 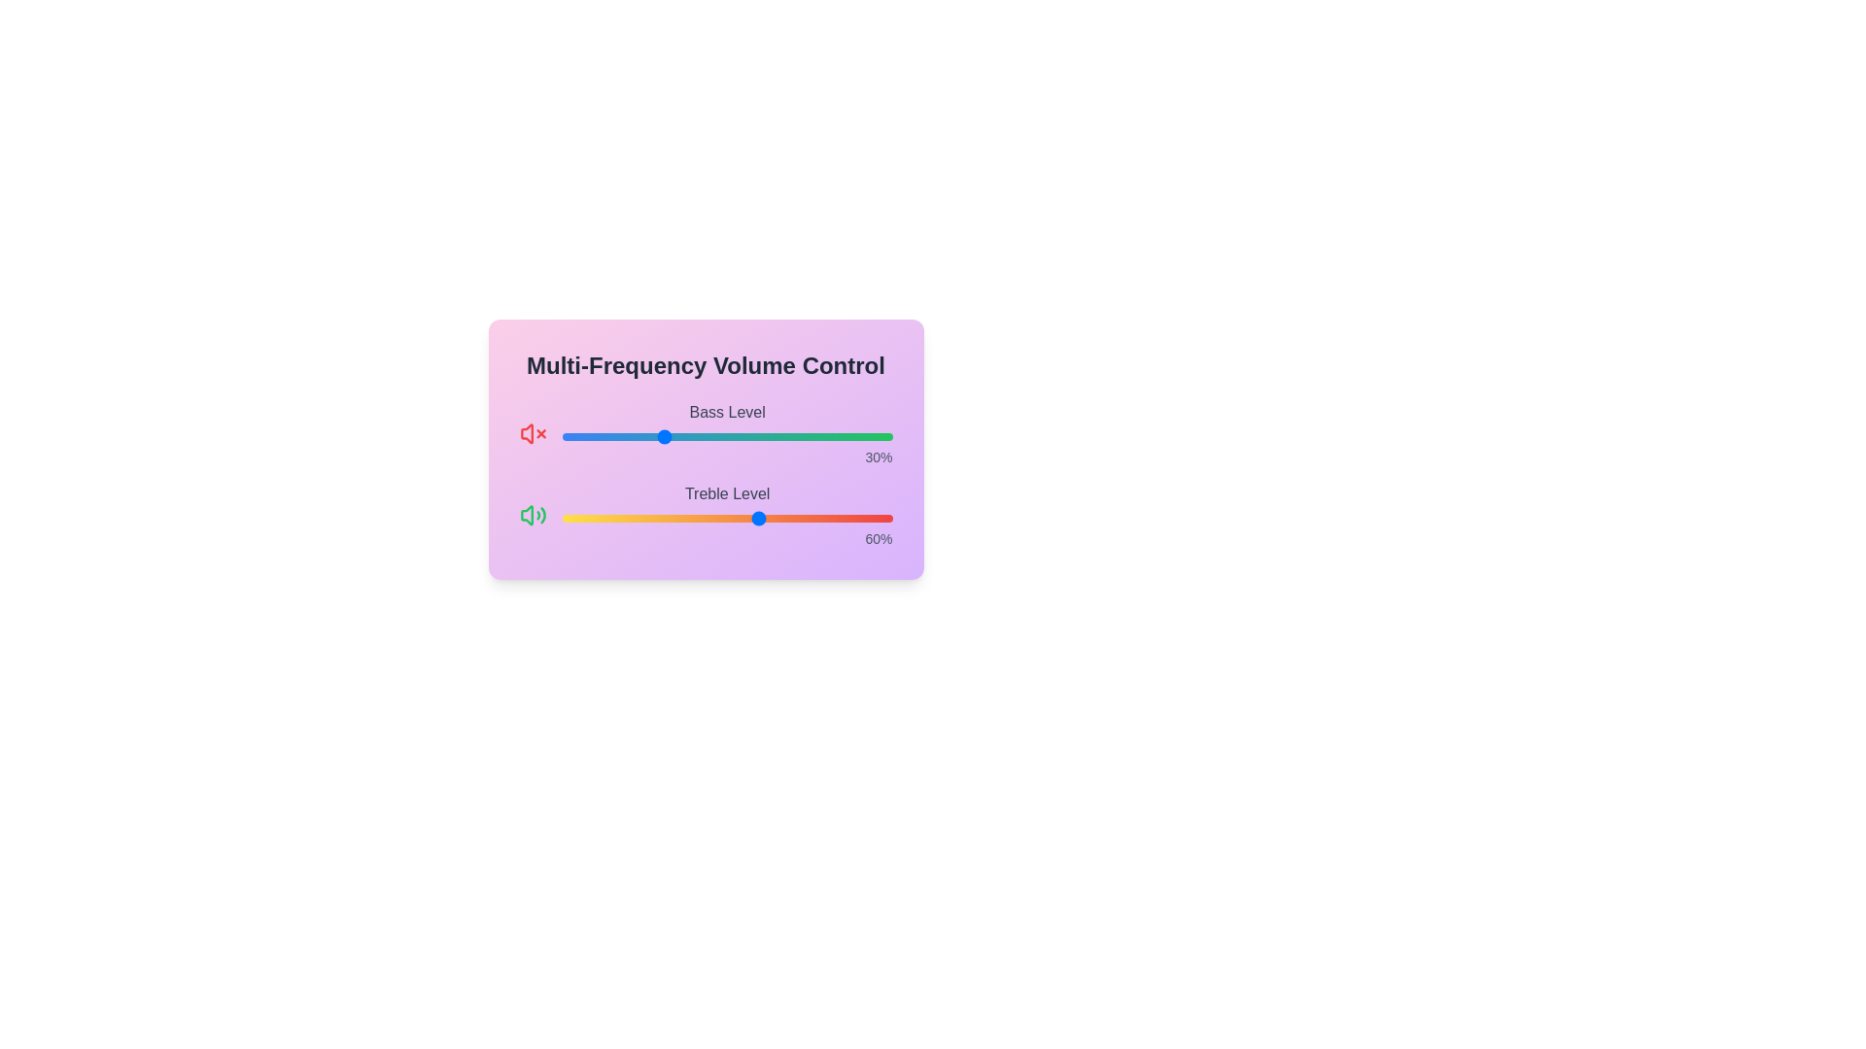 What do you see at coordinates (533, 433) in the screenshot?
I see `the mute icon for the bass control` at bounding box center [533, 433].